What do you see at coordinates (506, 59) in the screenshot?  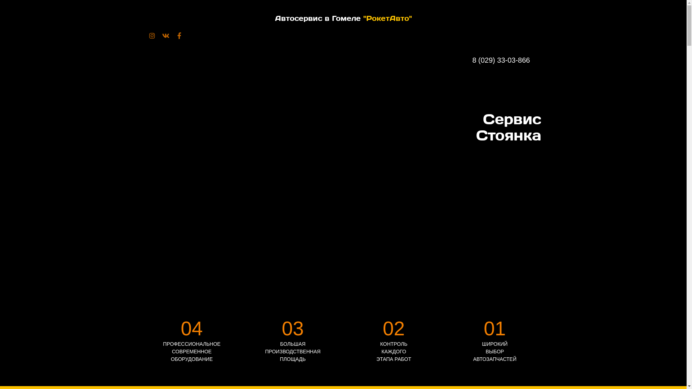 I see `'8 (029) 33-03-866'` at bounding box center [506, 59].